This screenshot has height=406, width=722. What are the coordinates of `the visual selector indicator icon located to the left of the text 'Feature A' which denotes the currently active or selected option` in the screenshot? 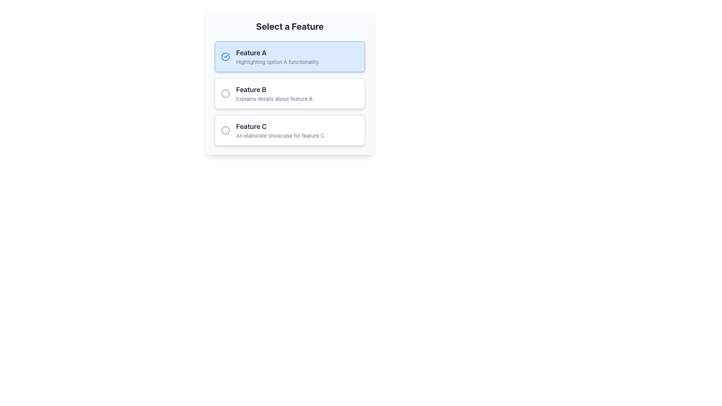 It's located at (225, 56).